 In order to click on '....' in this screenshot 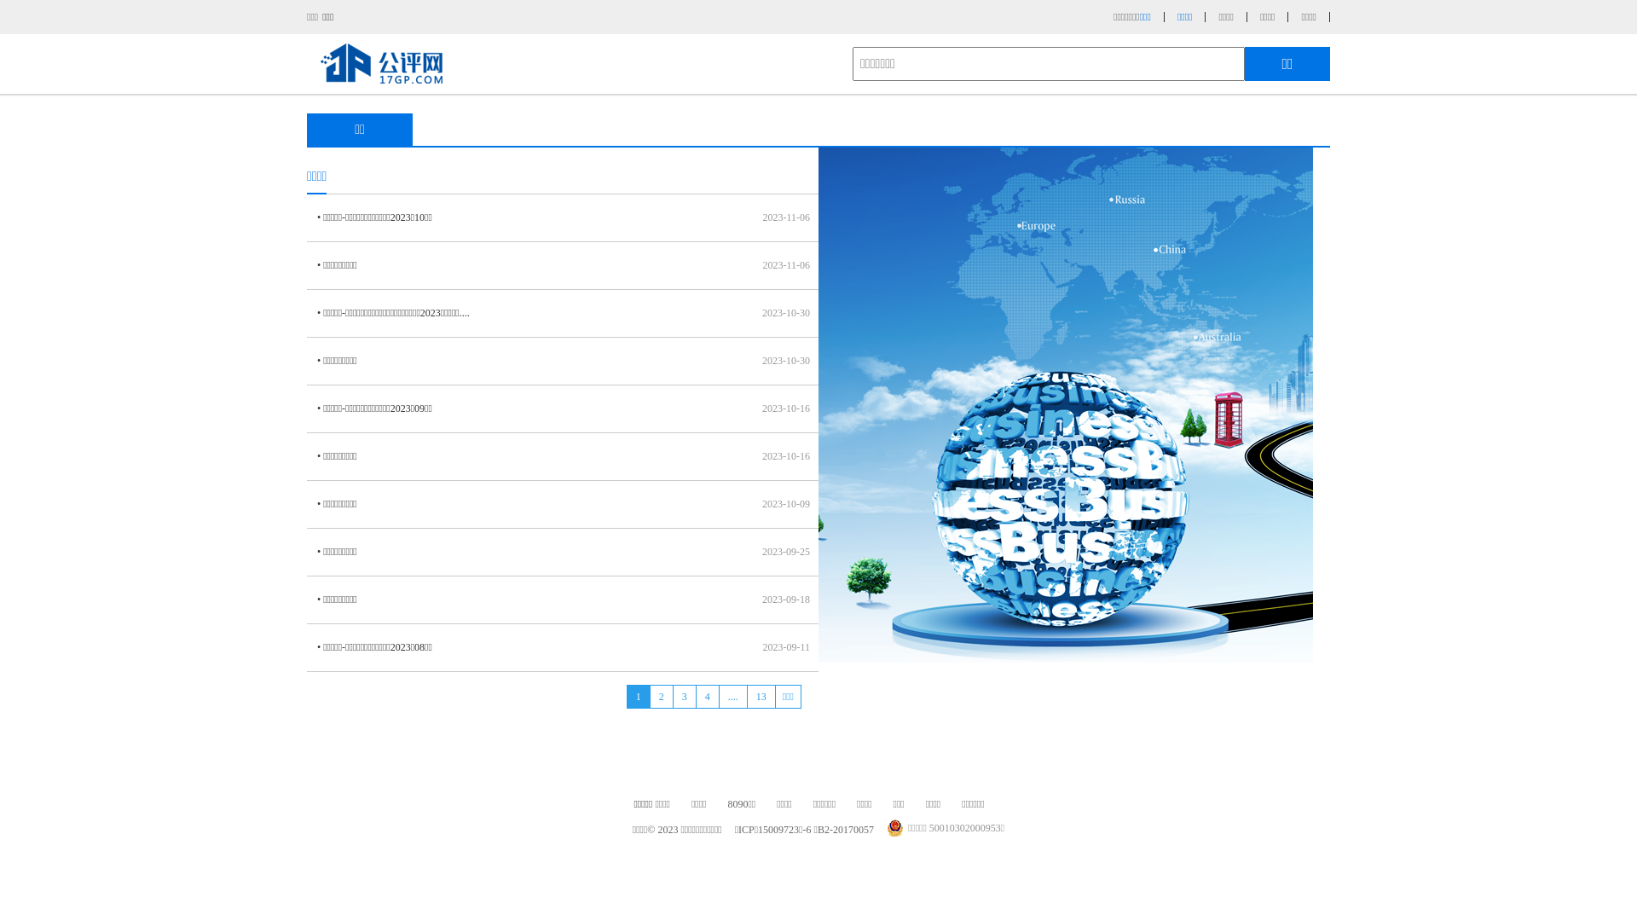, I will do `click(732, 697)`.